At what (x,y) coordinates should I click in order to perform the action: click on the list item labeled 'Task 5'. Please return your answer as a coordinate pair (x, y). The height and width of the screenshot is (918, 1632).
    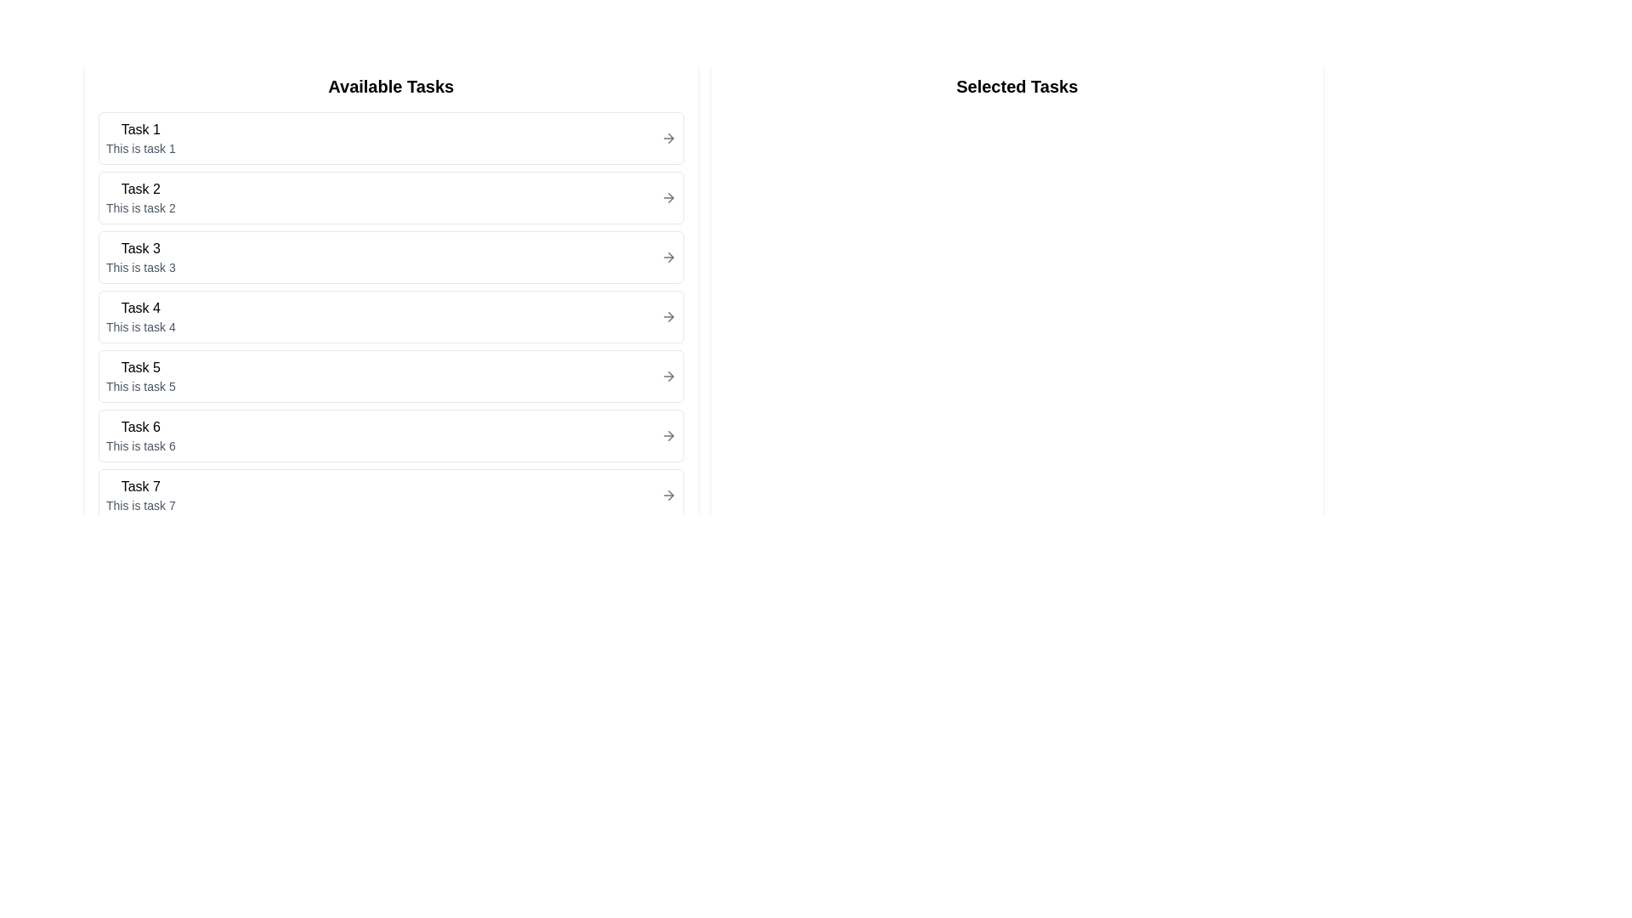
    Looking at the image, I should click on (140, 376).